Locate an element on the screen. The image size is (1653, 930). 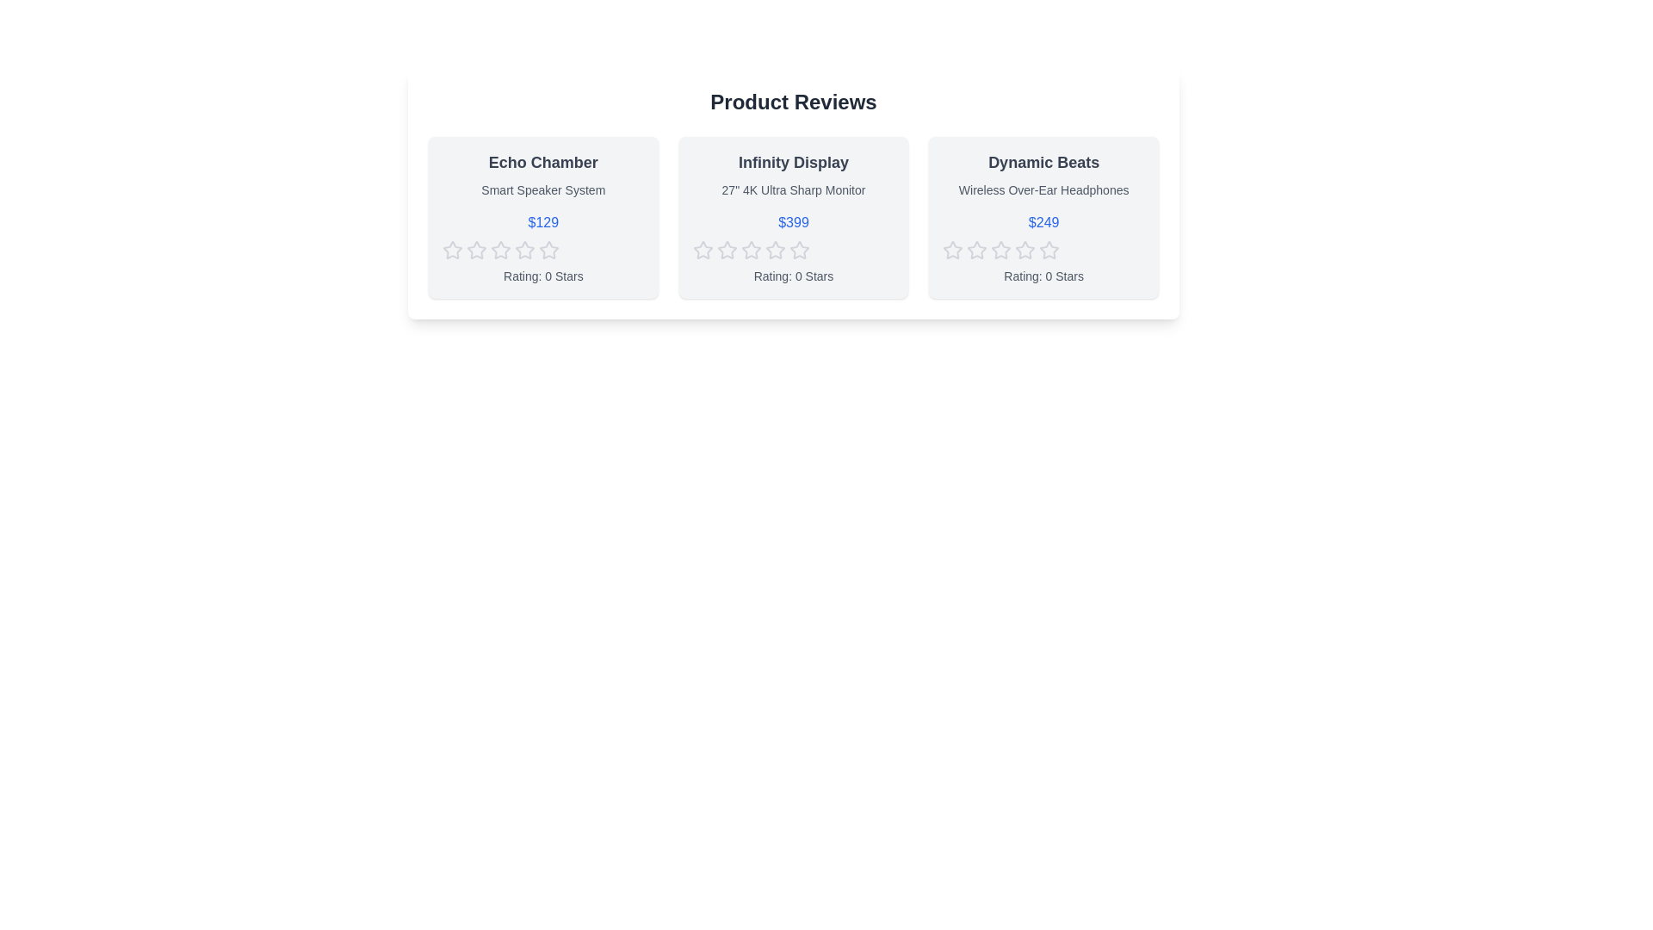
on the fourth star from the left in the rating section of the 'Dynamic Beats' product card is located at coordinates (1049, 250).